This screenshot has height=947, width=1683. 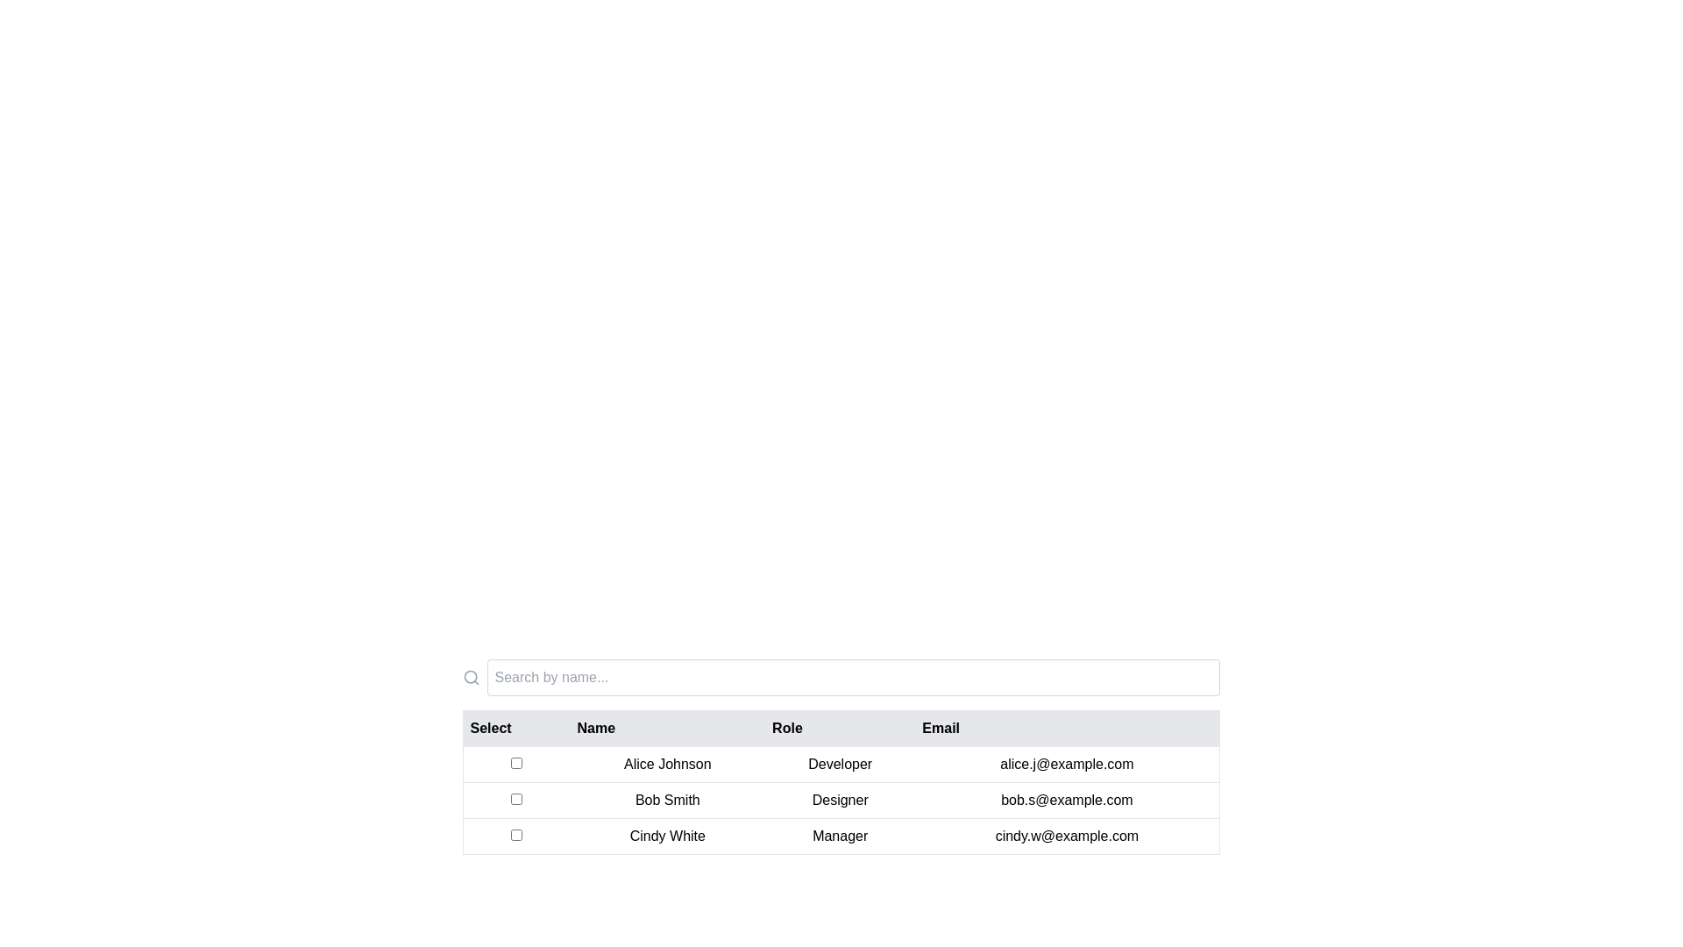 I want to click on the search icon located on the left side of the horizontal layout, which indicates the presence of a search functionality, so click(x=471, y=676).